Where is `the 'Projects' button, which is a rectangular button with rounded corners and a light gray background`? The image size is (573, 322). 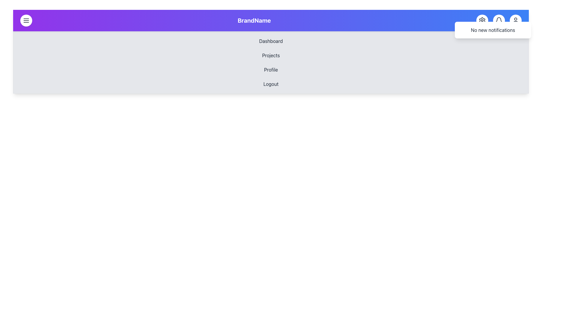 the 'Projects' button, which is a rectangular button with rounded corners and a light gray background is located at coordinates (270, 55).